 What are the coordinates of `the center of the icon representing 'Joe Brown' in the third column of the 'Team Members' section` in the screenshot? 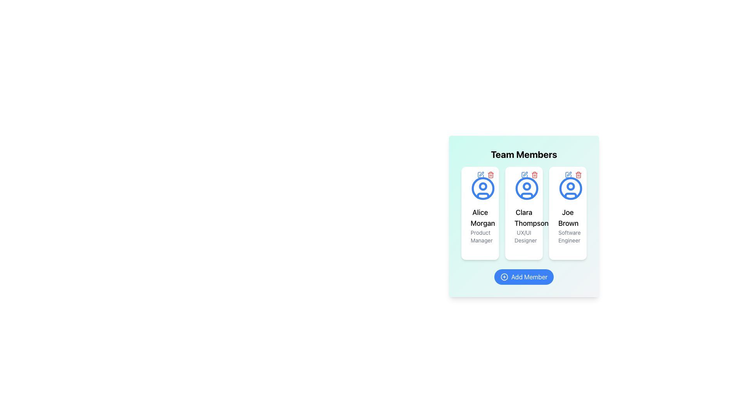 It's located at (570, 189).